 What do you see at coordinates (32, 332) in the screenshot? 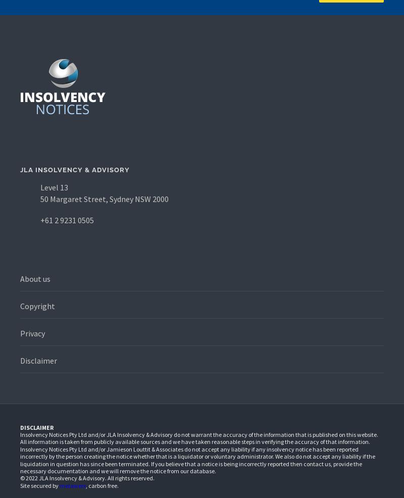
I see `'Privacy'` at bounding box center [32, 332].